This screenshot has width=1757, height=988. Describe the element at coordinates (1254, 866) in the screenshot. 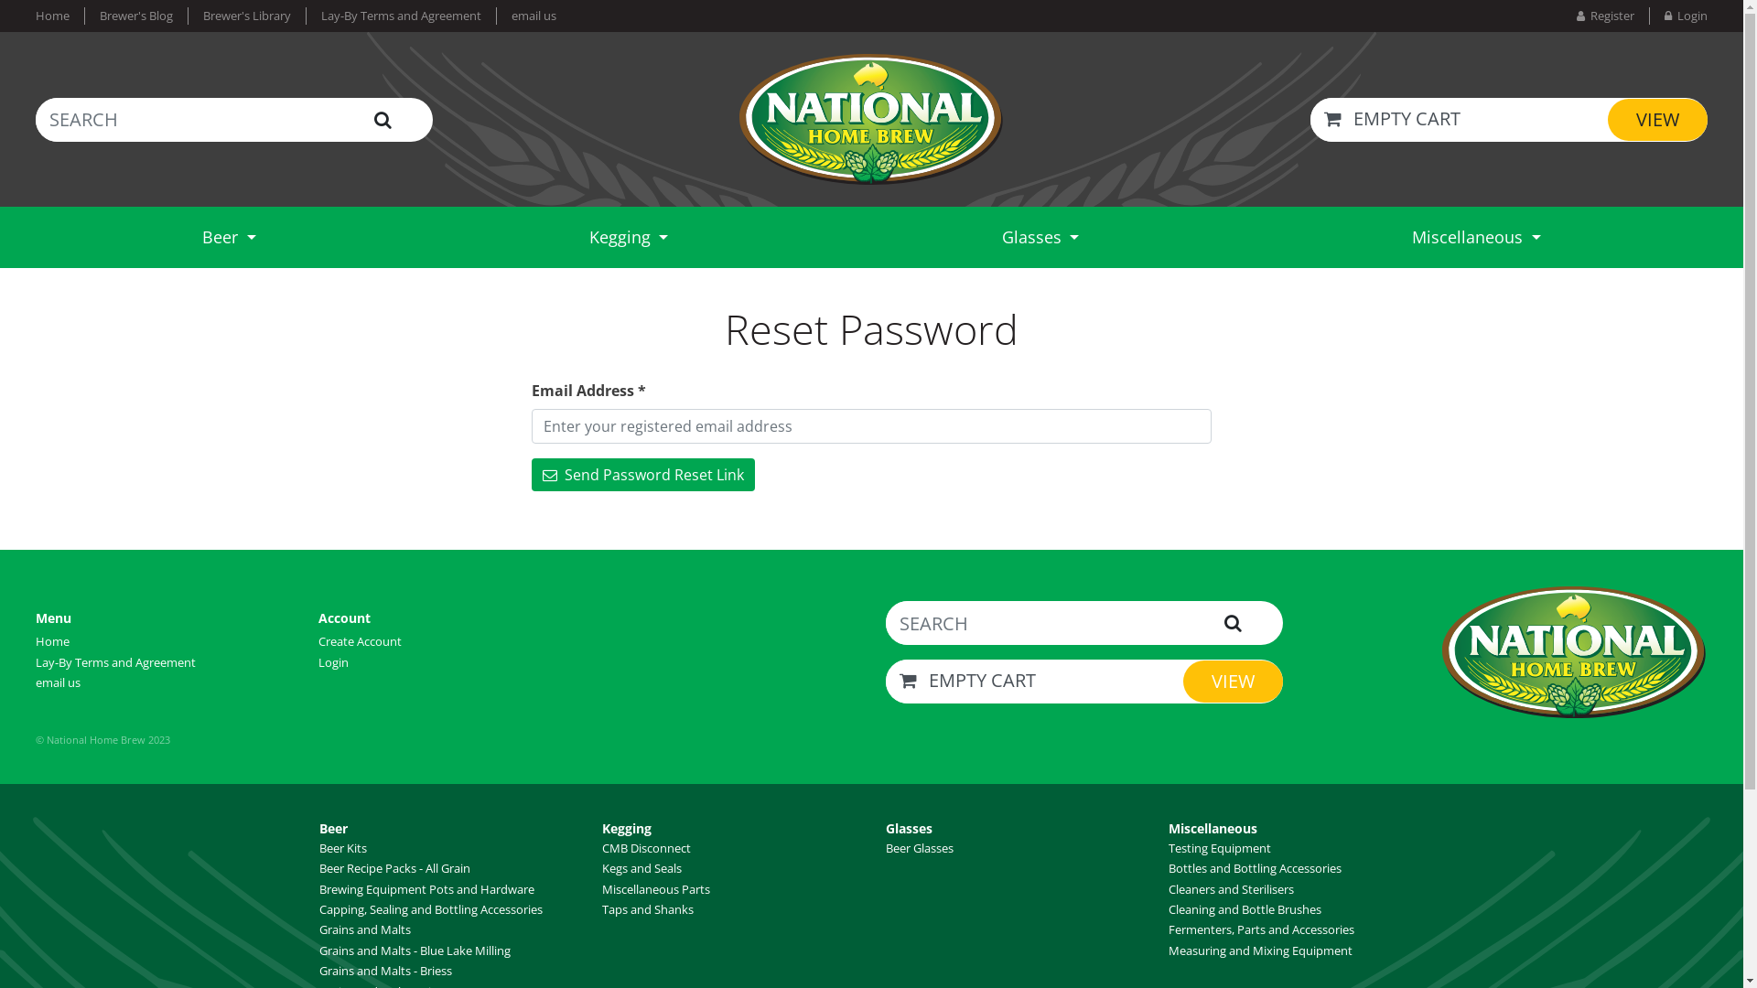

I see `'Bottles and Bottling Accessories'` at that location.